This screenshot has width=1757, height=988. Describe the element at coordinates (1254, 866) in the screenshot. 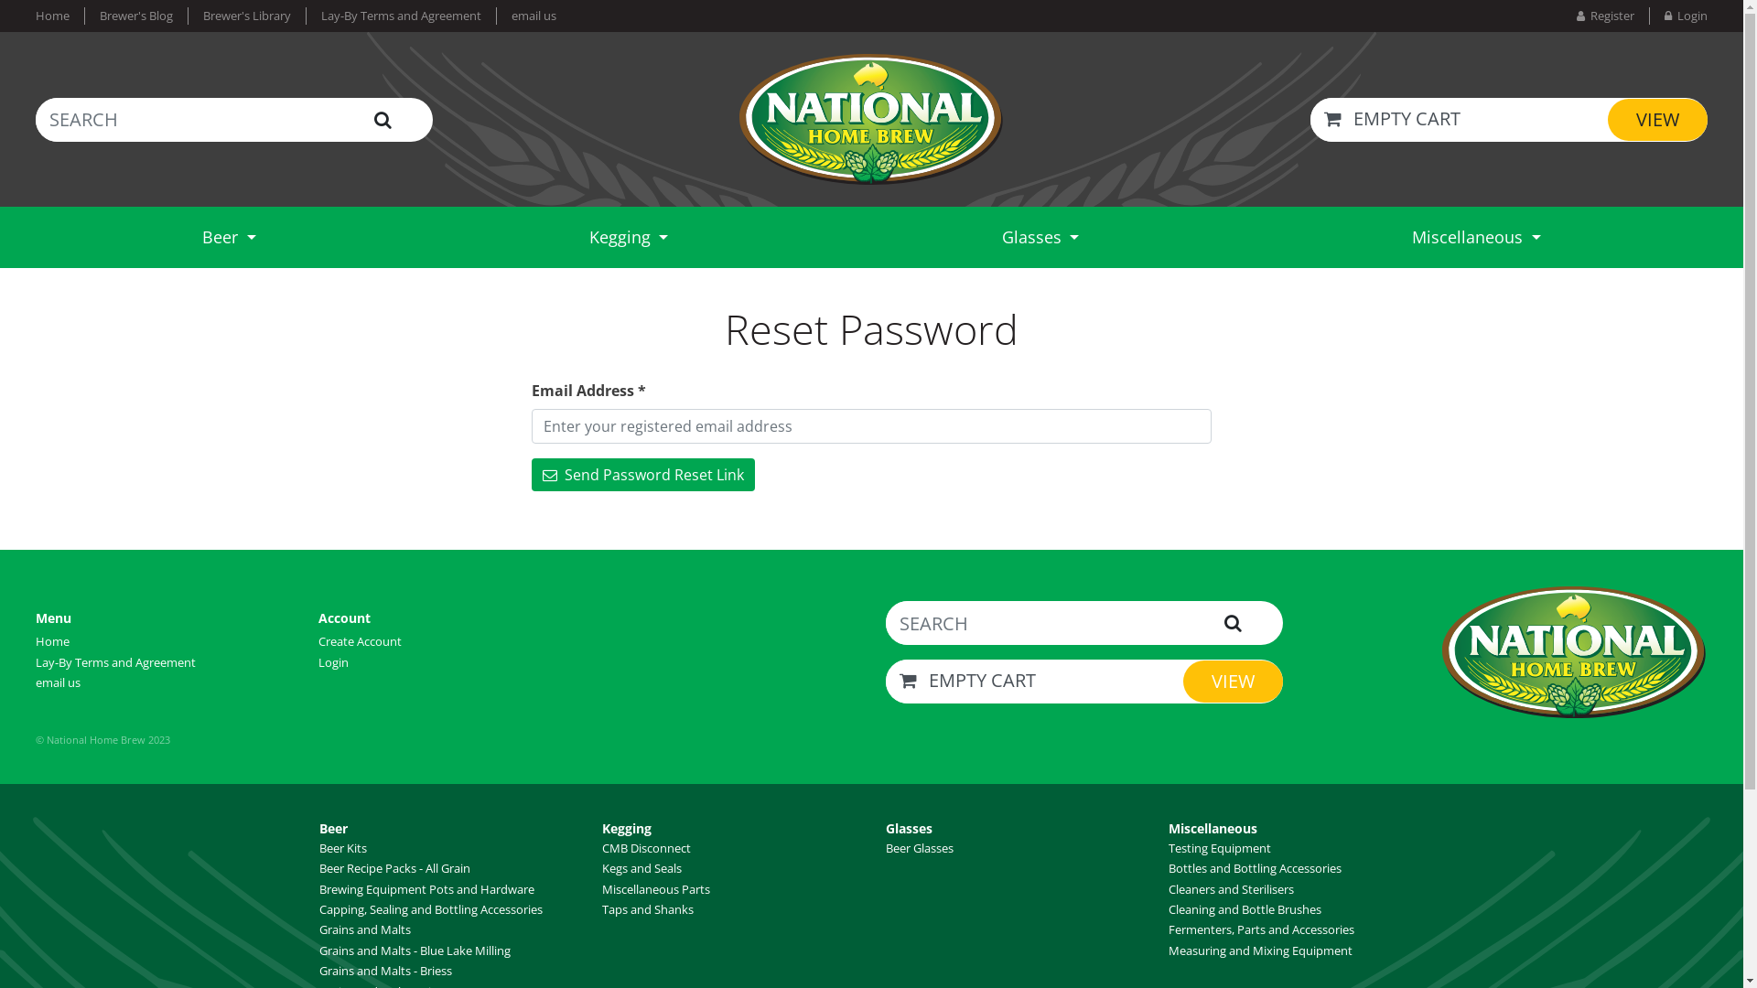

I see `'Bottles and Bottling Accessories'` at that location.